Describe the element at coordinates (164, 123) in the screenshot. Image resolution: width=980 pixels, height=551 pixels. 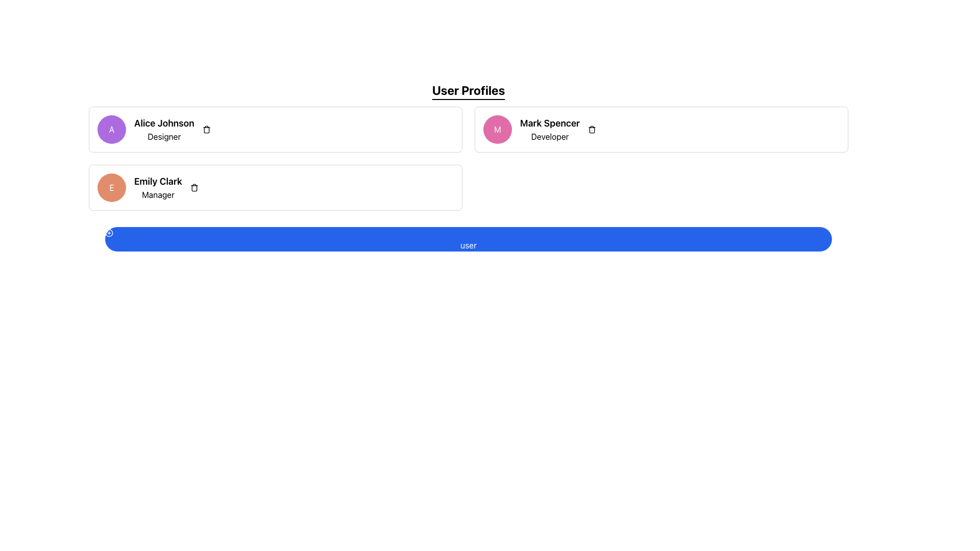
I see `the static text label 'Alice Johnson', which is styled in a bold font and serves as the primary focus of the user profile card` at that location.